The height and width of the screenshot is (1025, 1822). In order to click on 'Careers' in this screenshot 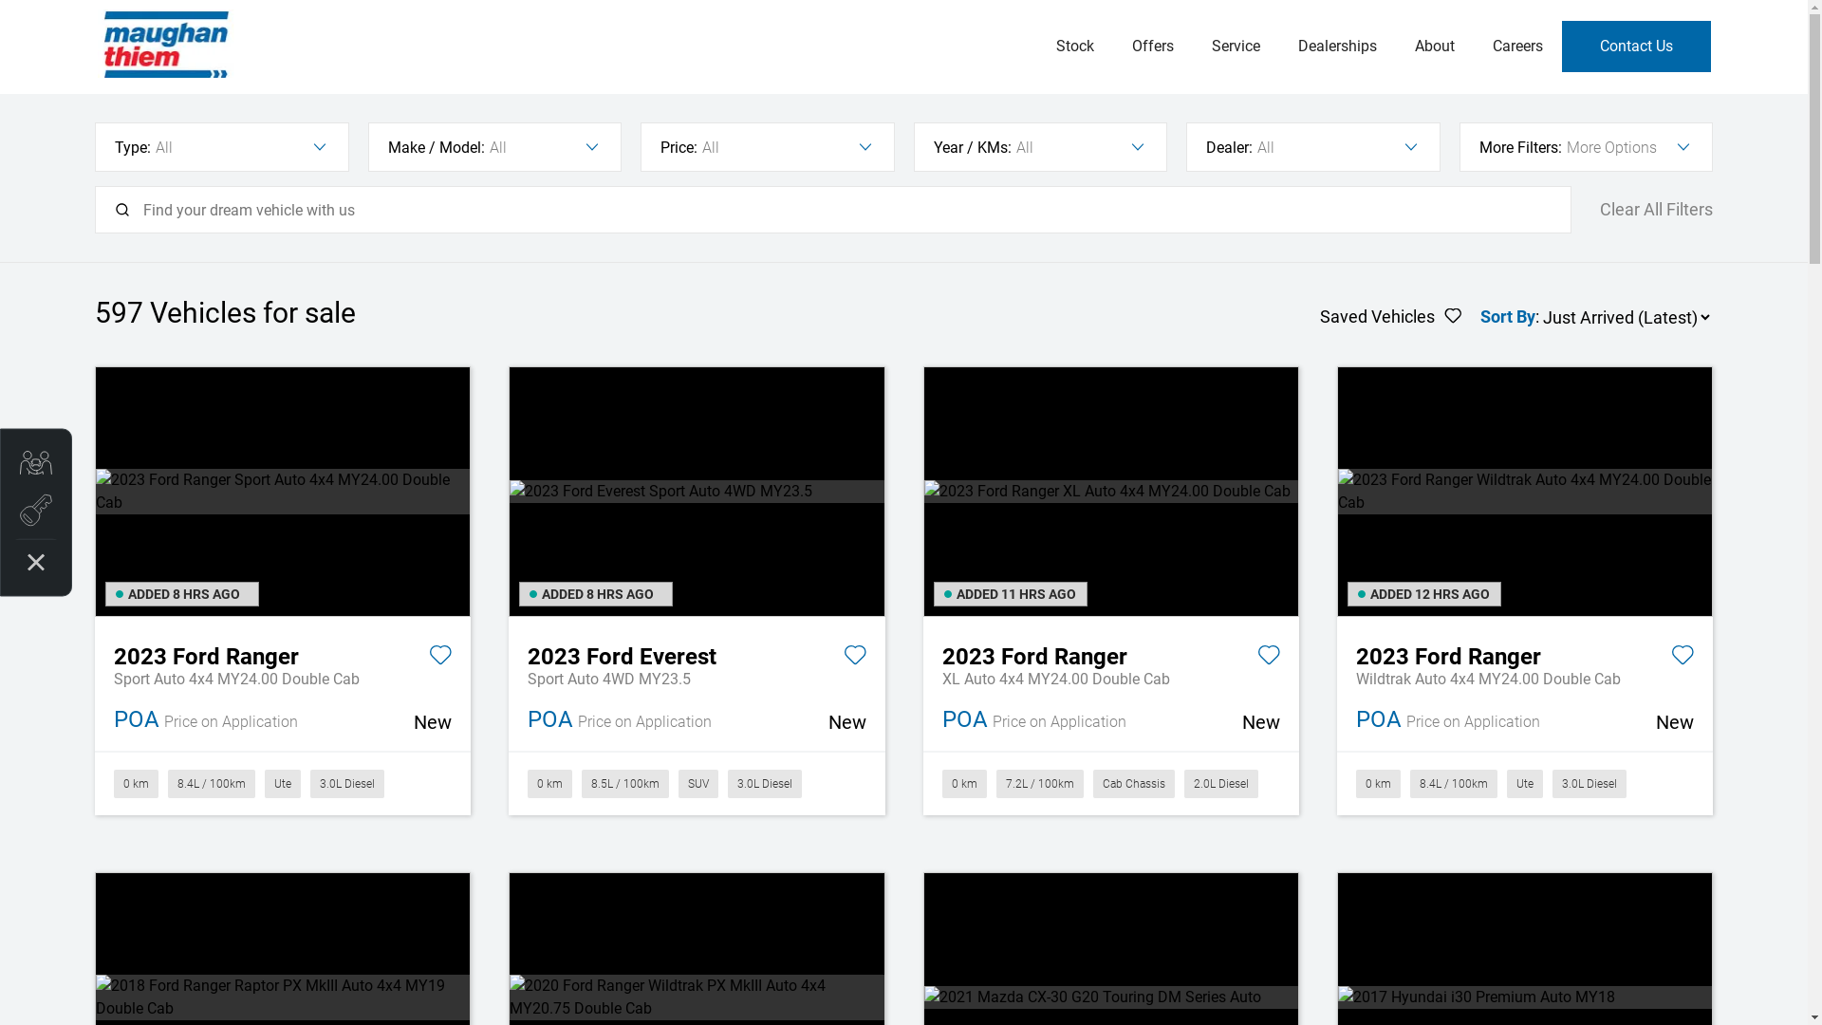, I will do `click(1515, 46)`.